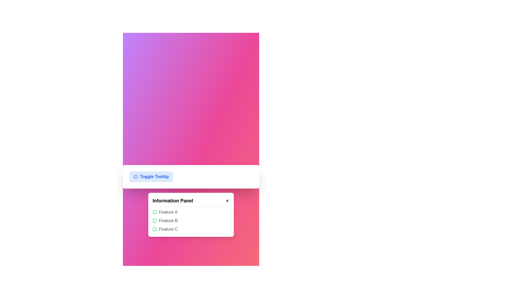  I want to click on text label that contains the phrase 'Feature B', which is styled with a gray font color and is the second item in the list between 'Feature A' and 'Feature C', so click(168, 221).